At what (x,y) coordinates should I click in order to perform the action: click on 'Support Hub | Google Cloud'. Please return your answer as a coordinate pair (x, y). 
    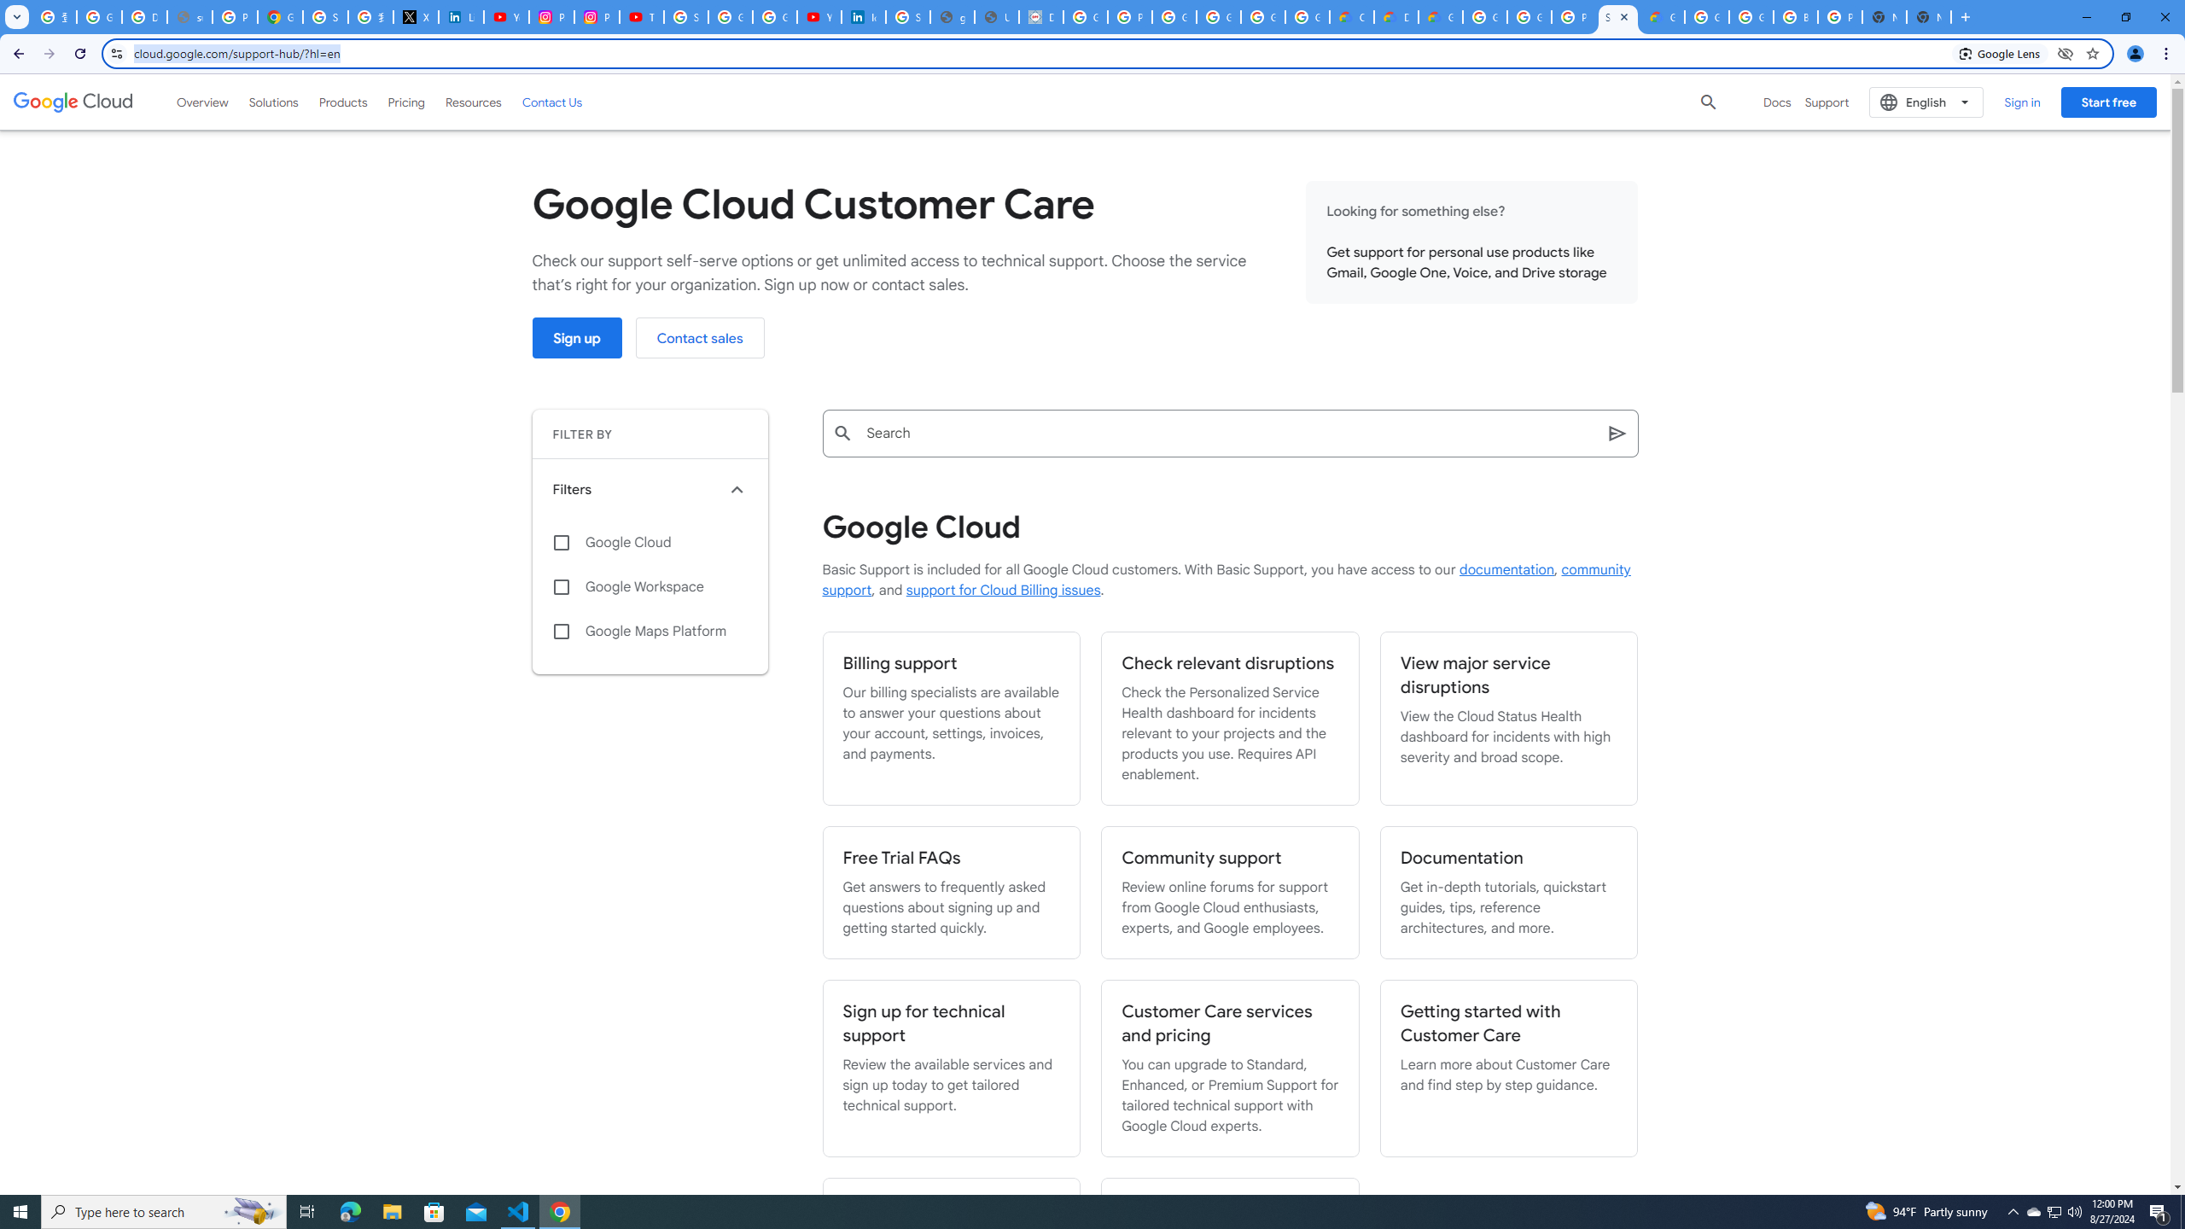
    Looking at the image, I should click on (1617, 16).